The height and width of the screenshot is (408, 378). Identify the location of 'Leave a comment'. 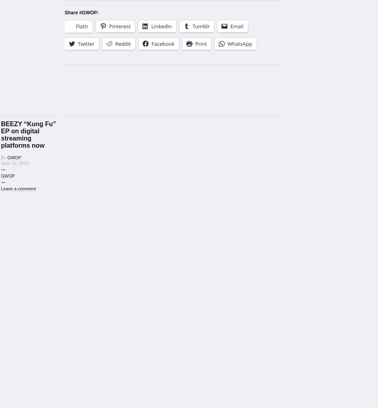
(18, 188).